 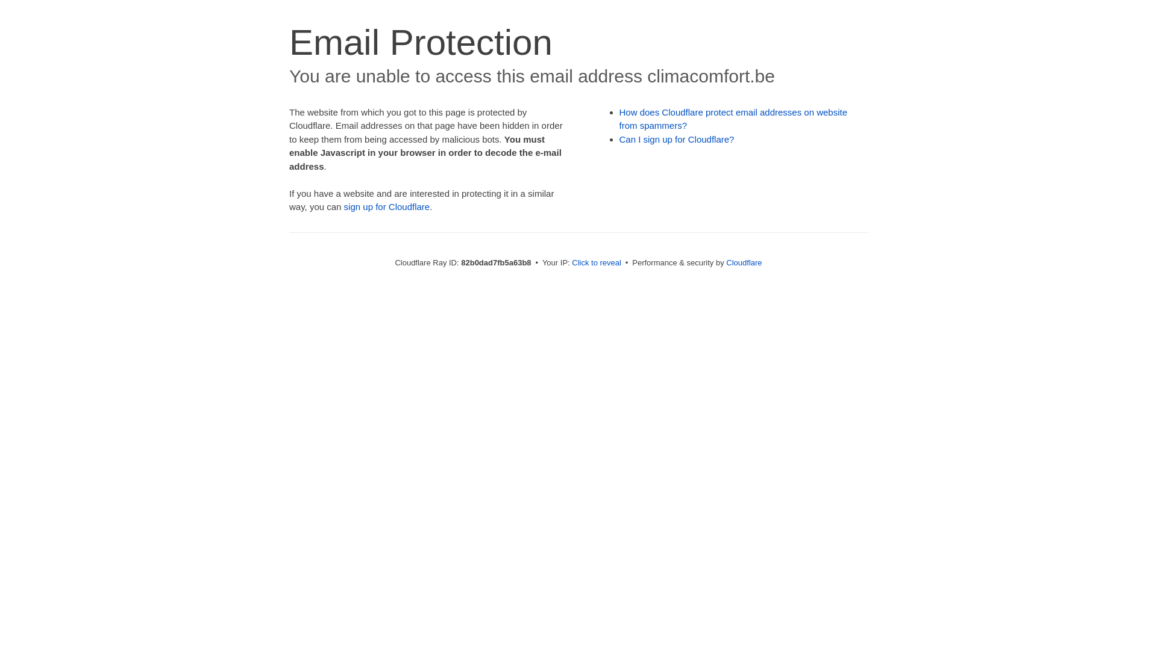 What do you see at coordinates (596, 262) in the screenshot?
I see `'Click to reveal'` at bounding box center [596, 262].